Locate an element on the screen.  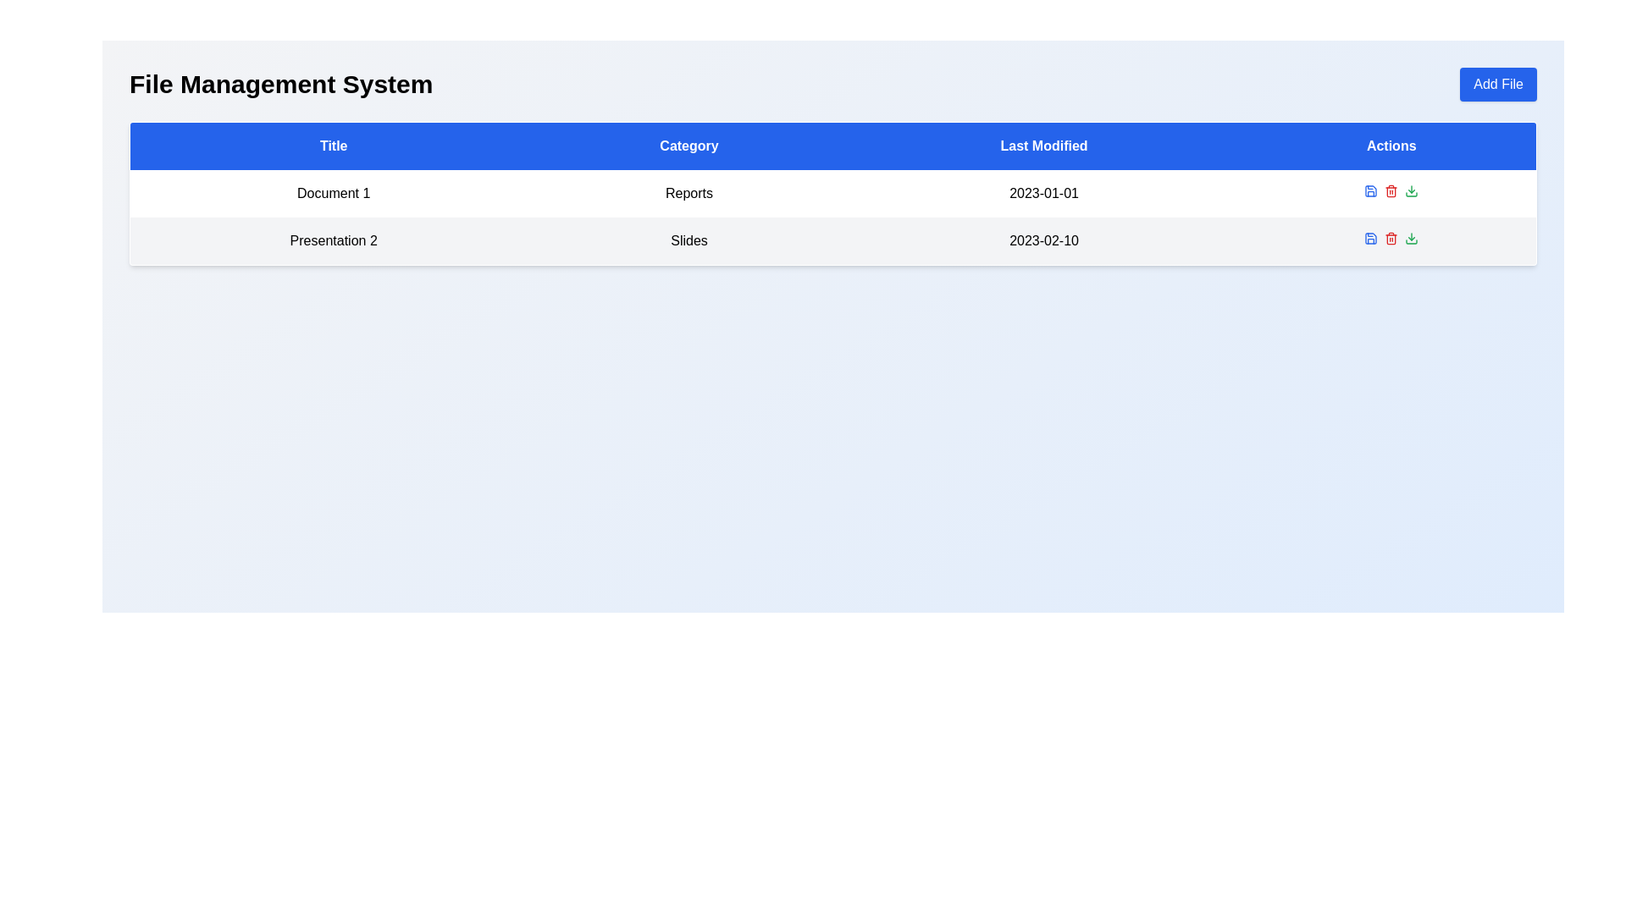
the static text element representing the document title in the first row of the table under the 'Title' column is located at coordinates (333, 192).